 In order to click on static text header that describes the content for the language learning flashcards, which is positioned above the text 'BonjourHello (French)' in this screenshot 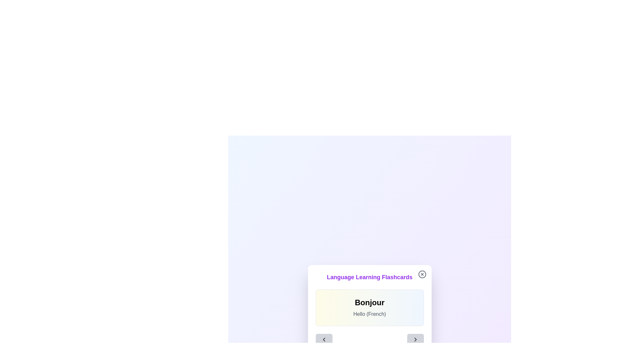, I will do `click(370, 277)`.